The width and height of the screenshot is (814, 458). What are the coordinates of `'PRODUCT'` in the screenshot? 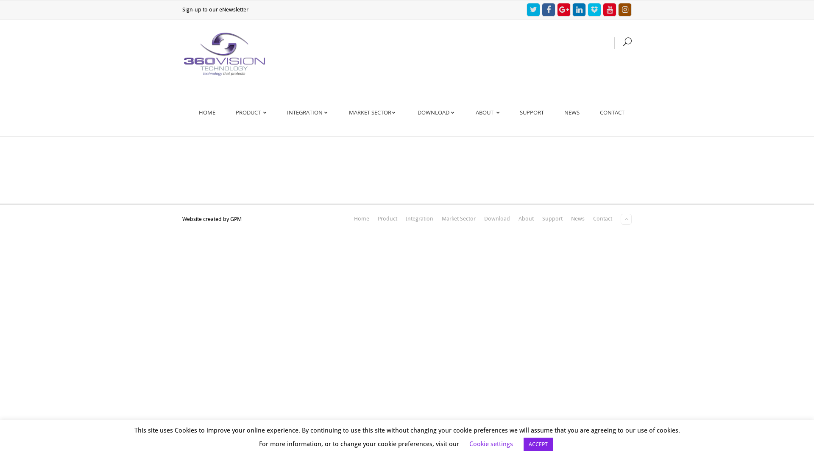 It's located at (228, 112).